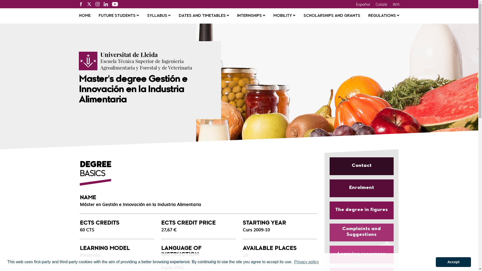 This screenshot has width=482, height=271. Describe the element at coordinates (118, 16) in the screenshot. I see `'FUTURE STUDENTS'` at that location.